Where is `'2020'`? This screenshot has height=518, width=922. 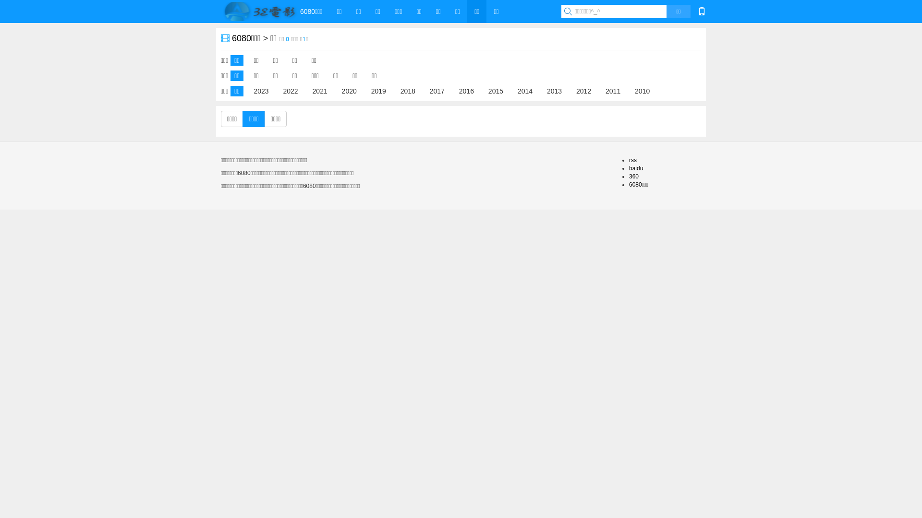
'2020' is located at coordinates (349, 91).